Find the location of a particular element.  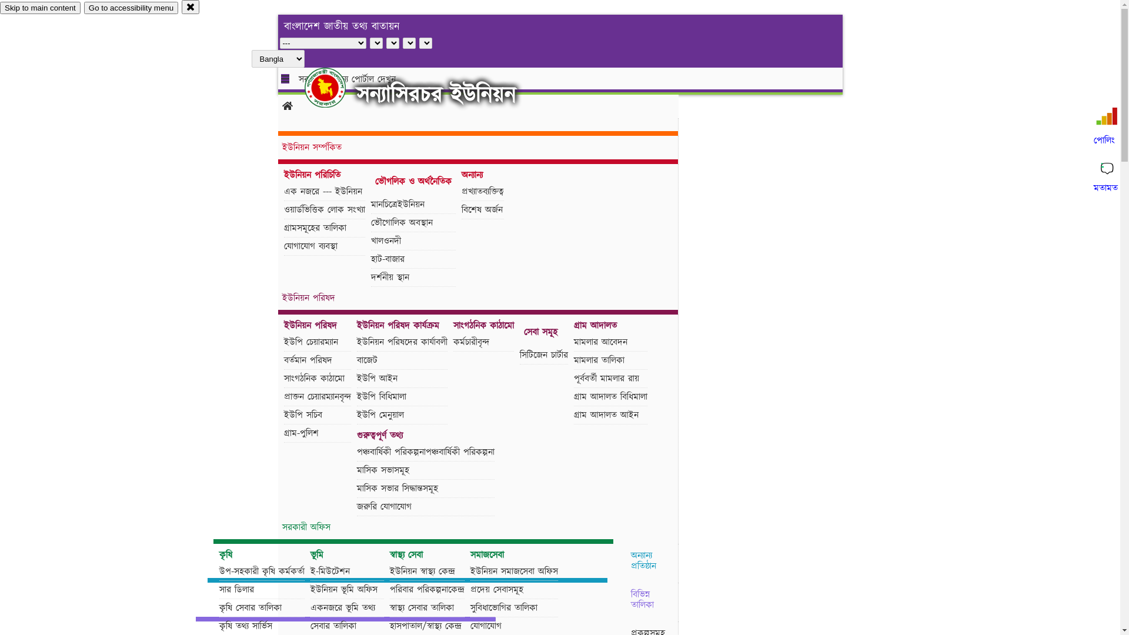

' is located at coordinates (335, 87).